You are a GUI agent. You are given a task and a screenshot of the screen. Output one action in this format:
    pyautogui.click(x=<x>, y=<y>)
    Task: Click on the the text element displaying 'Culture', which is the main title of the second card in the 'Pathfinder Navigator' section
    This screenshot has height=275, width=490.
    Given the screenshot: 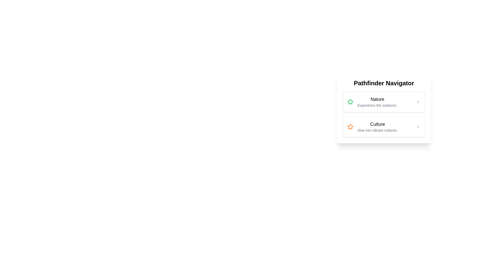 What is the action you would take?
    pyautogui.click(x=377, y=124)
    